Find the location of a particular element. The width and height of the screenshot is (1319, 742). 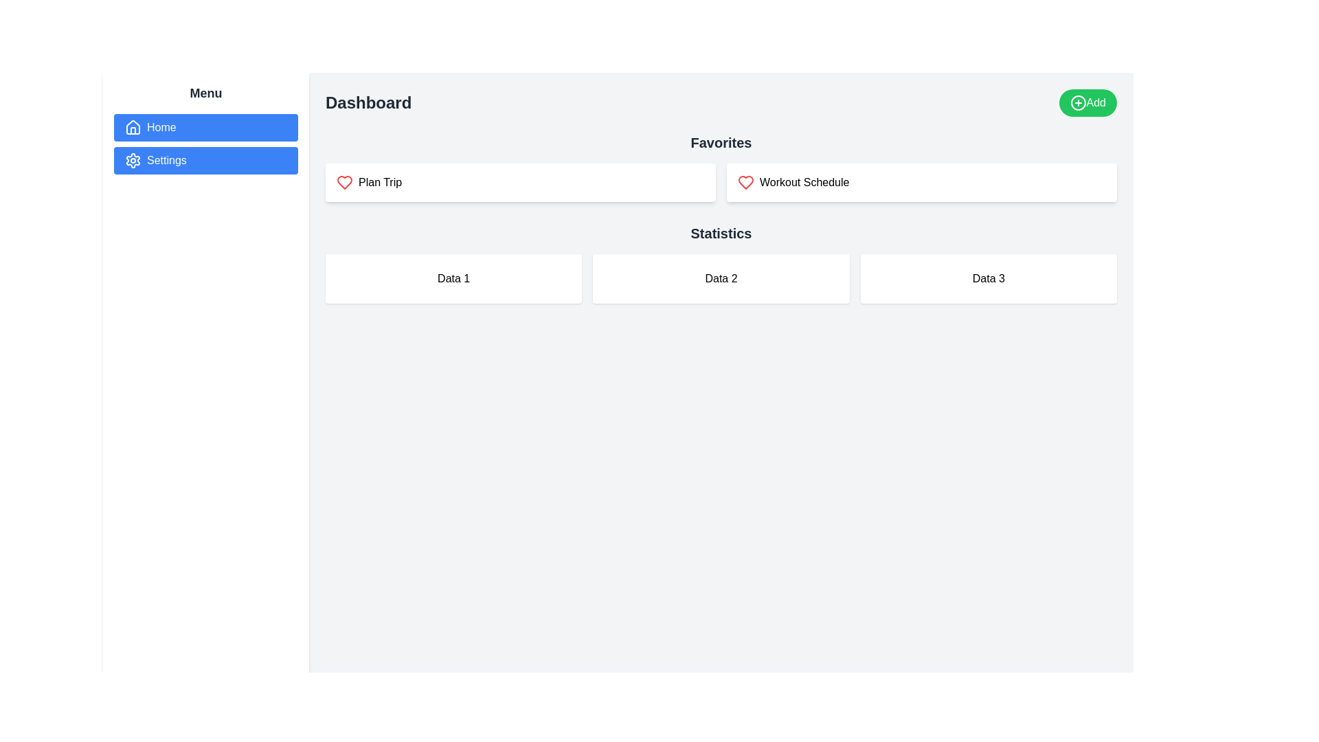

the 'Menu' label located at the top of the left sidebar menu, which displays the word 'Menu' in bold dark gray lettering is located at coordinates (205, 93).